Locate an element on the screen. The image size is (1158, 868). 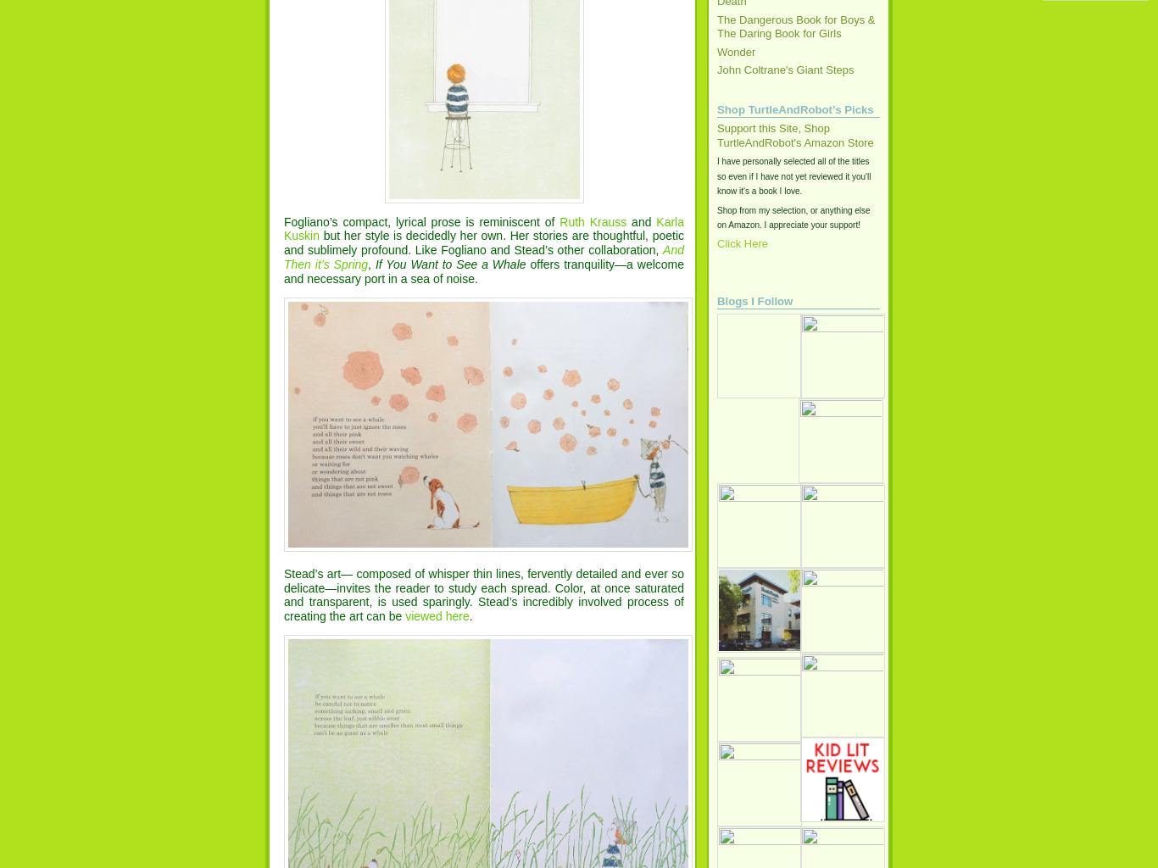
'I have personally selected all of the titles so even if I have not yet reviewed it you'll know it's a book I love.' is located at coordinates (793, 175).